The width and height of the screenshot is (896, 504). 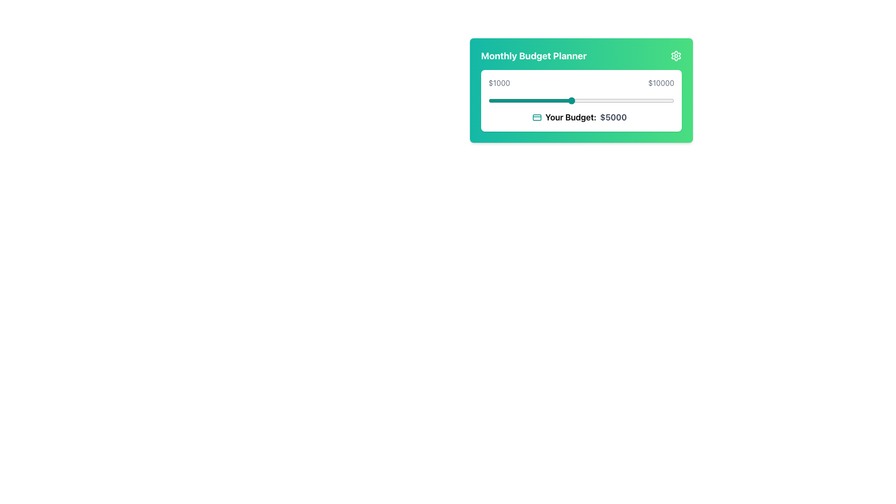 I want to click on the budget slider, so click(x=555, y=101).